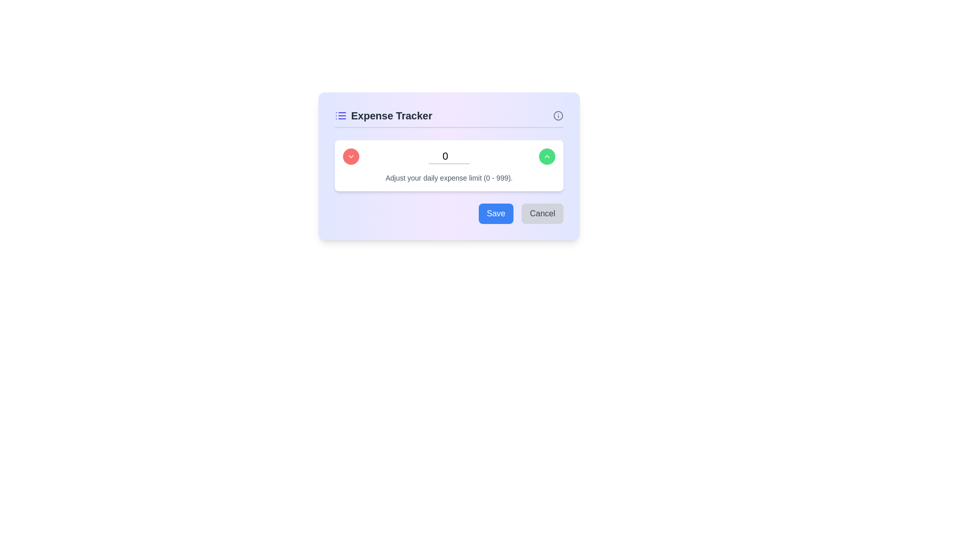  What do you see at coordinates (383, 115) in the screenshot?
I see `the header element that indicates the purpose of the expense management system, which includes an icon and a text label aligned to the right of the icon` at bounding box center [383, 115].